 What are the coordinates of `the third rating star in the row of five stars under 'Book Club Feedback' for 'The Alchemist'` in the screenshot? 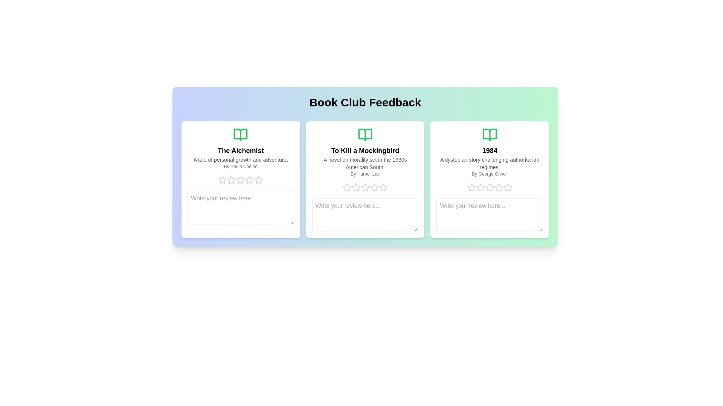 It's located at (240, 180).